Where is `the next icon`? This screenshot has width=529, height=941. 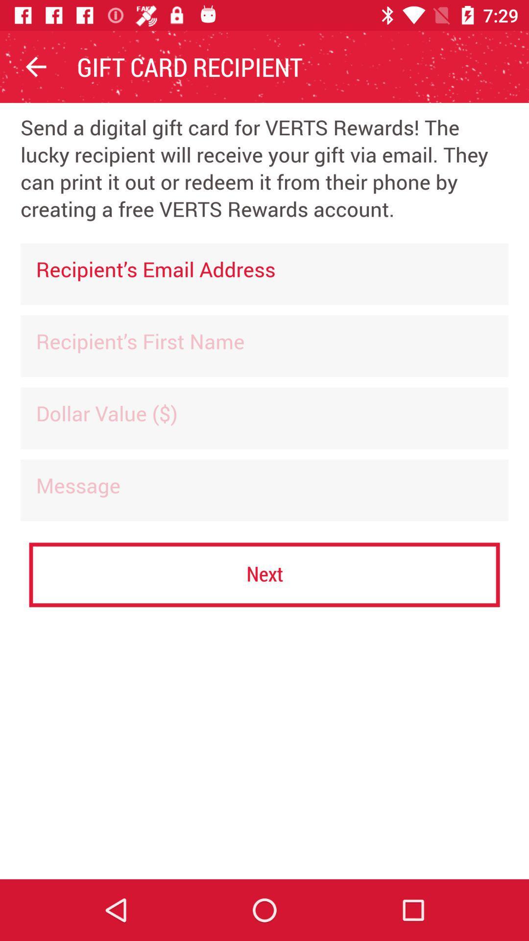
the next icon is located at coordinates (264, 574).